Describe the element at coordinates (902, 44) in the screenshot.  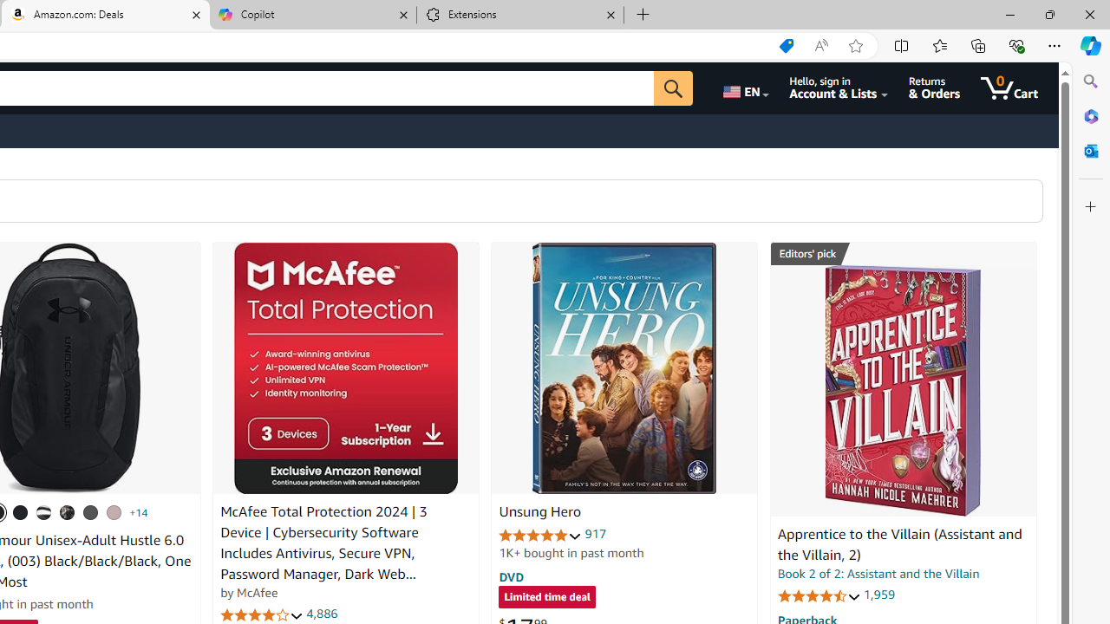
I see `'Split screen'` at that location.